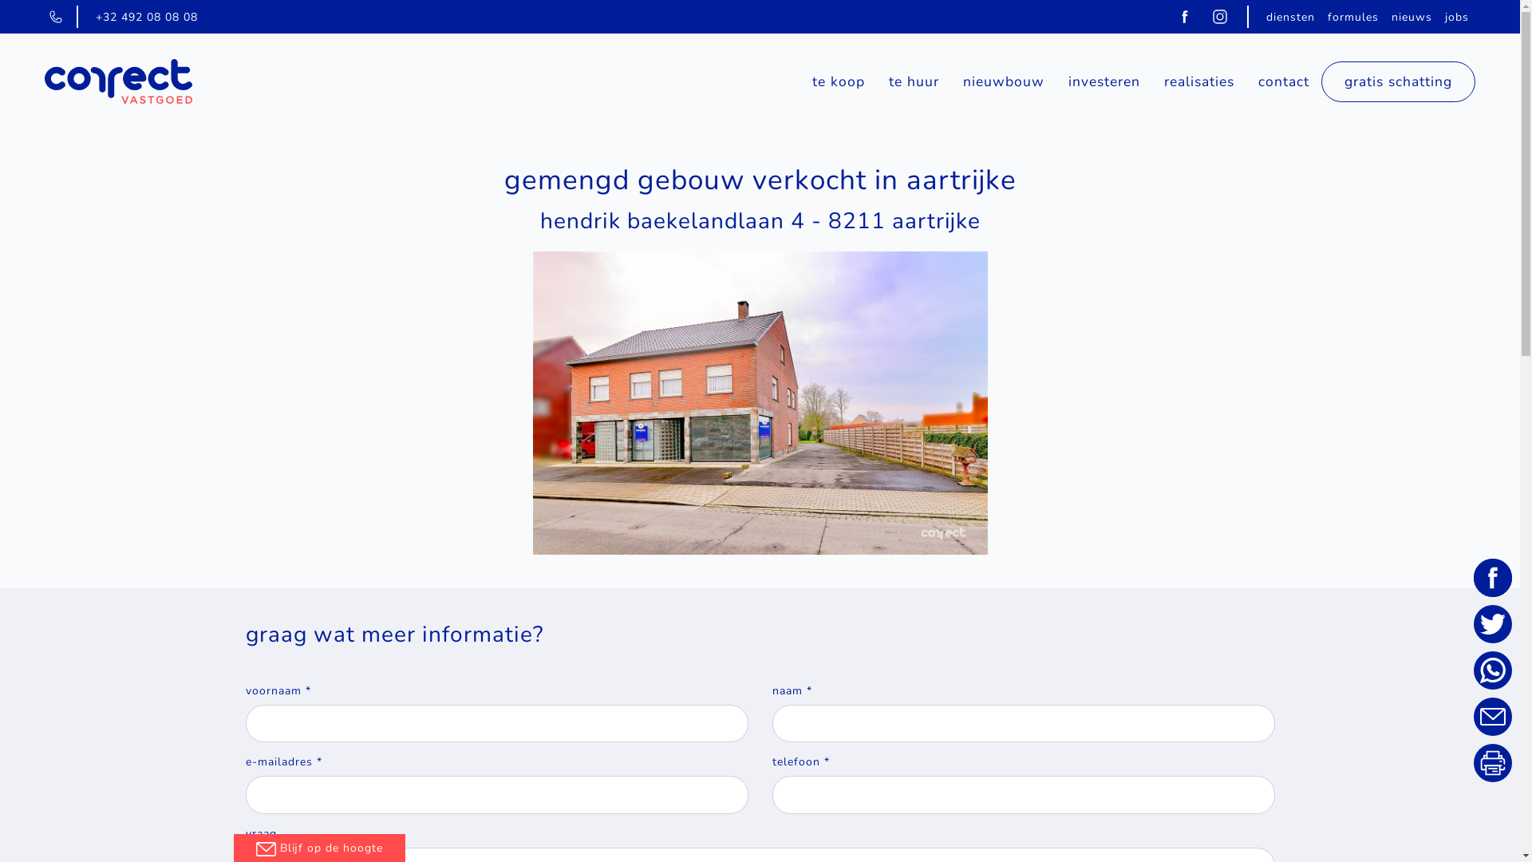 The height and width of the screenshot is (862, 1532). Describe the element at coordinates (1492, 670) in the screenshot. I see `'Delen via WhatsApp'` at that location.